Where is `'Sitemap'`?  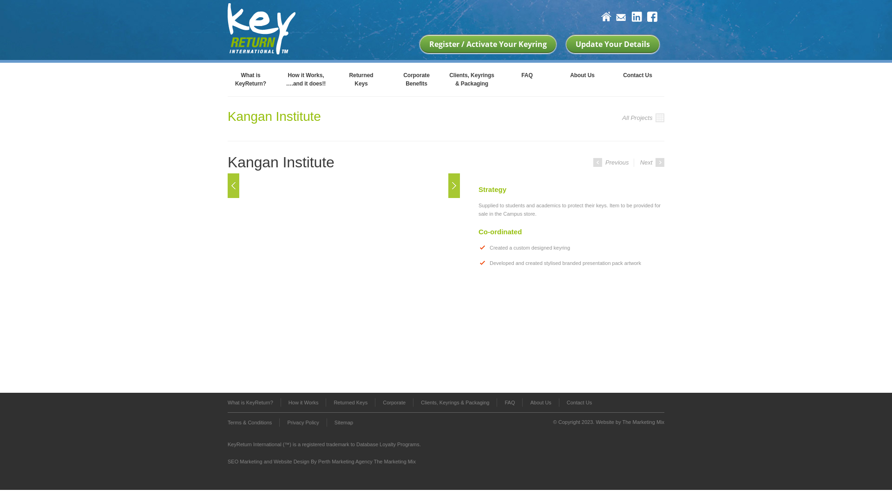 'Sitemap' is located at coordinates (326, 423).